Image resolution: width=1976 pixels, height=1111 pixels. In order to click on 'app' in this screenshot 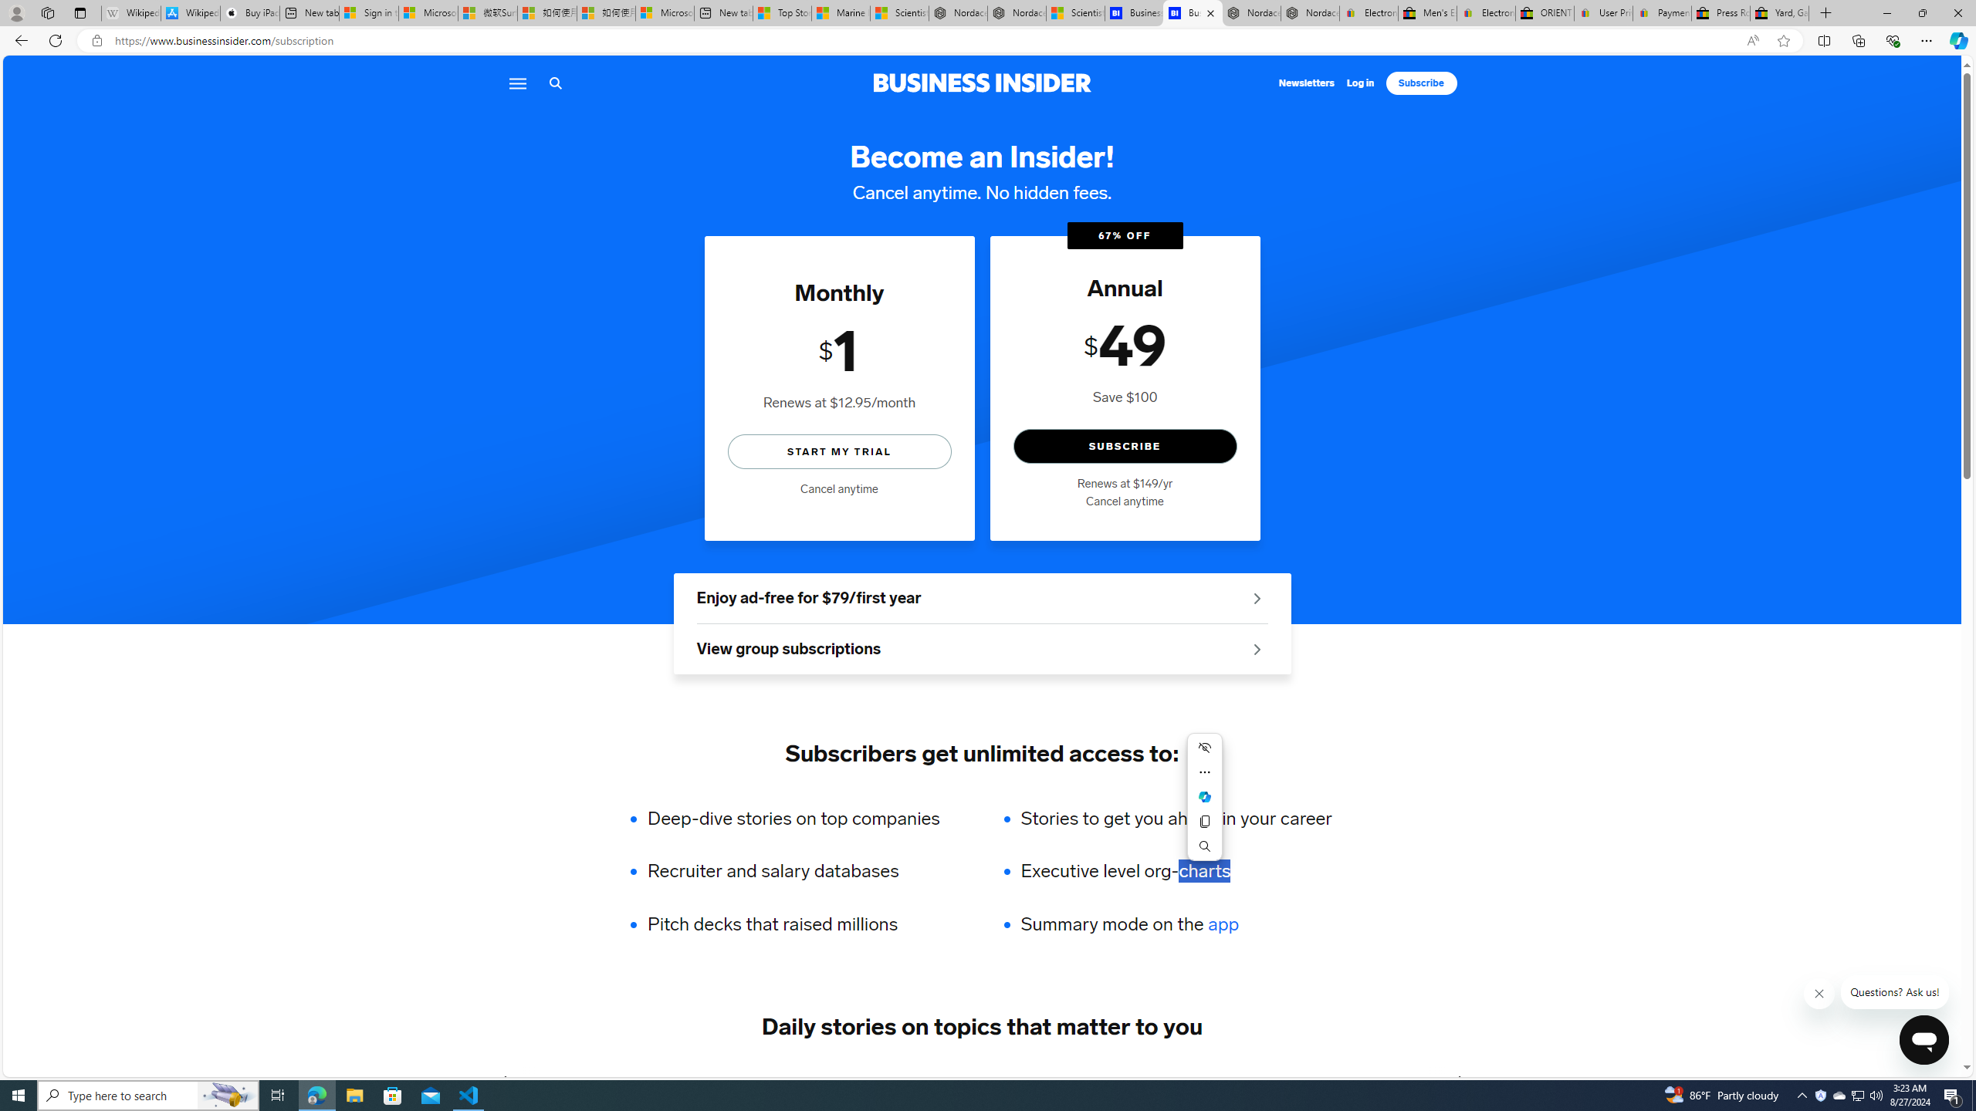, I will do `click(1222, 924)`.